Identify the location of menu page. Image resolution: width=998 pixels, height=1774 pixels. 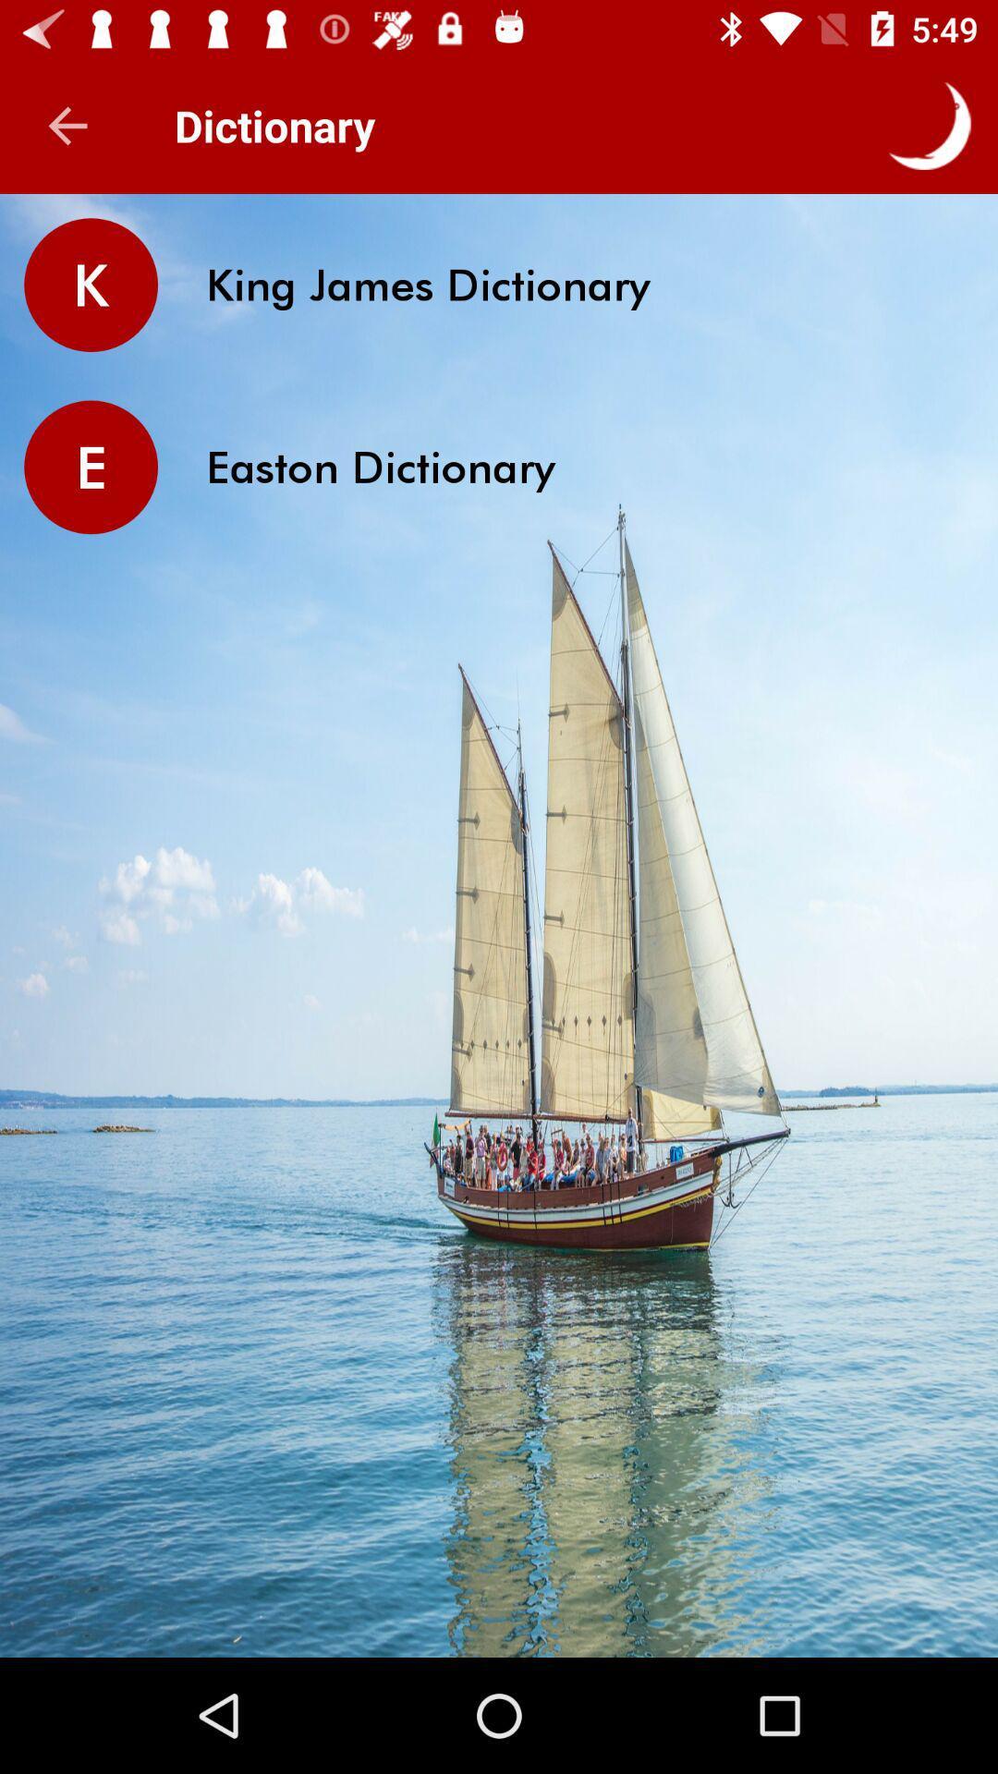
(930, 125).